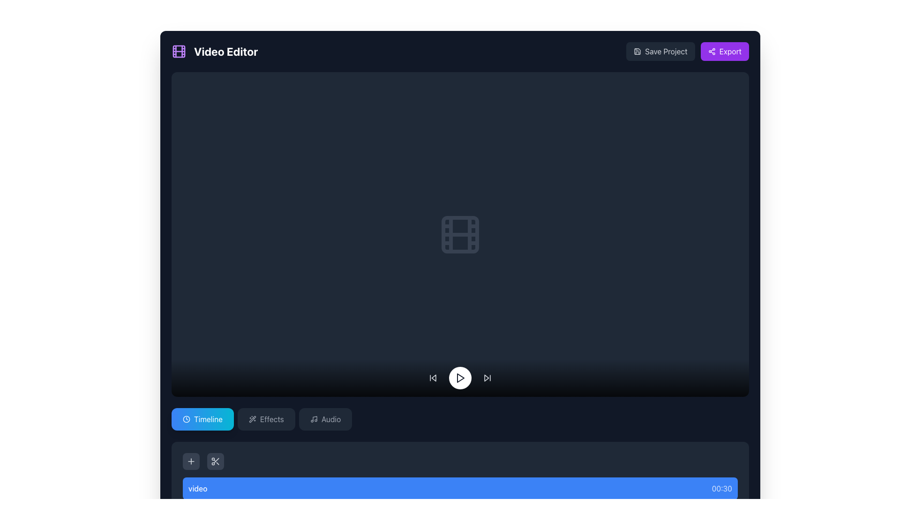 This screenshot has height=506, width=900. What do you see at coordinates (461, 377) in the screenshot?
I see `the play button located at the bottom center of the user interface` at bounding box center [461, 377].